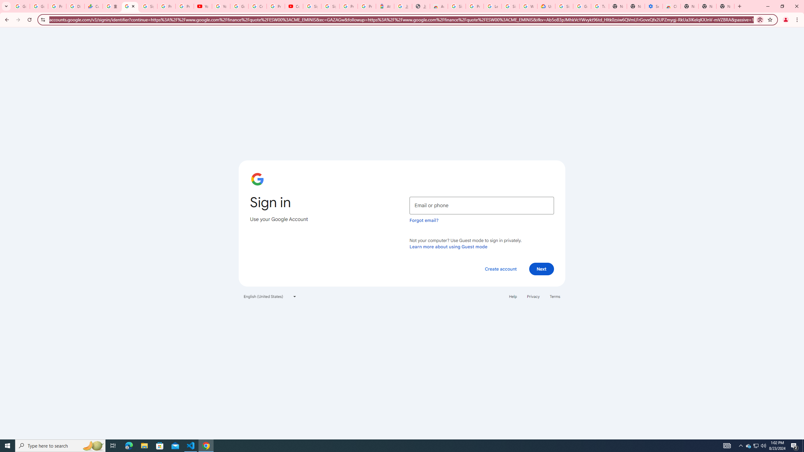  What do you see at coordinates (689, 6) in the screenshot?
I see `'New Tab'` at bounding box center [689, 6].